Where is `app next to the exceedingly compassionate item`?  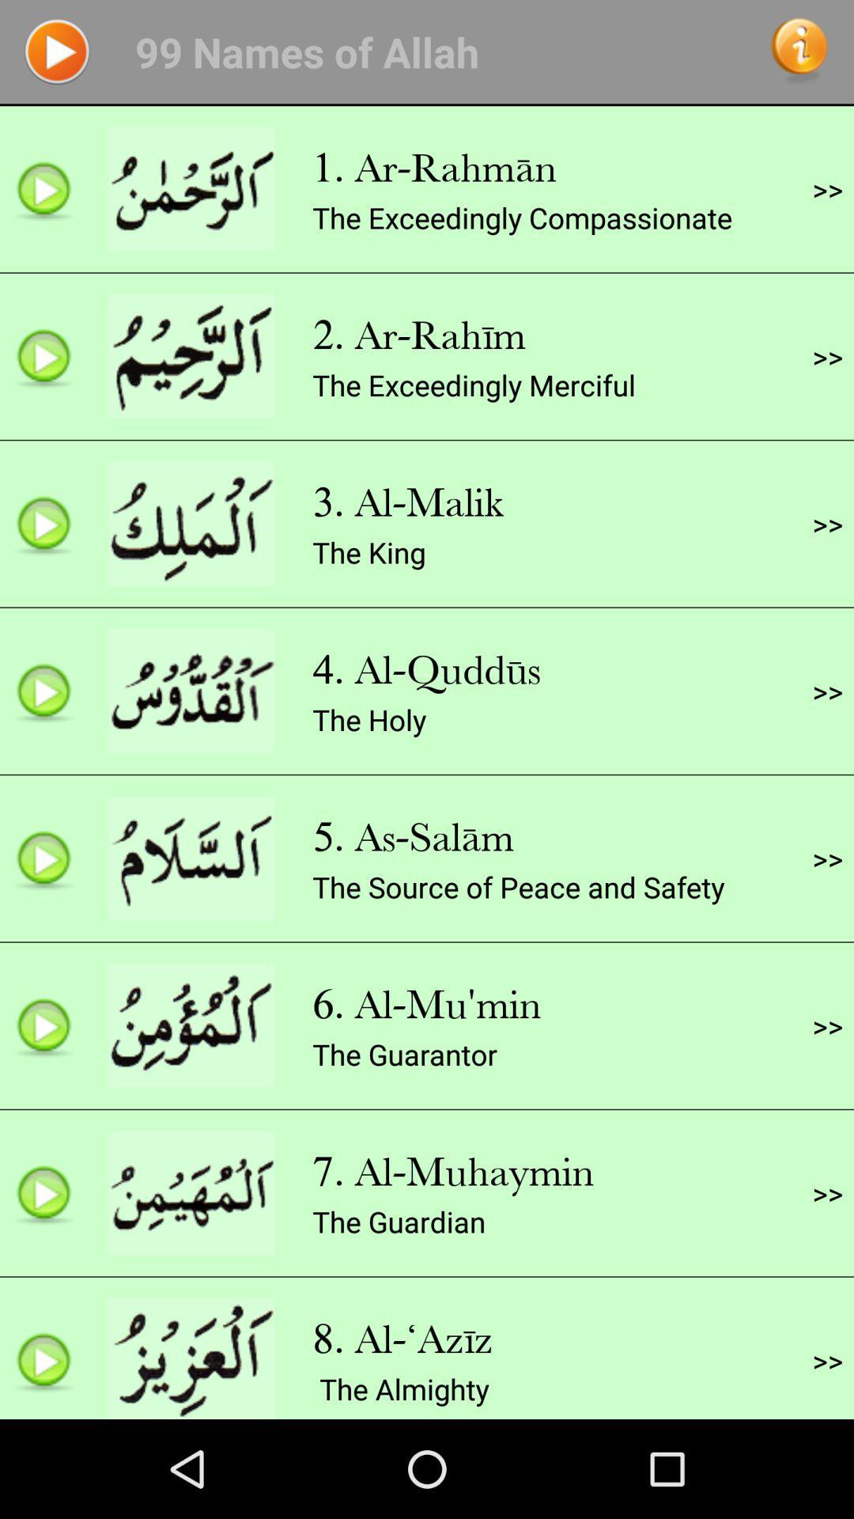
app next to the exceedingly compassionate item is located at coordinates (826, 189).